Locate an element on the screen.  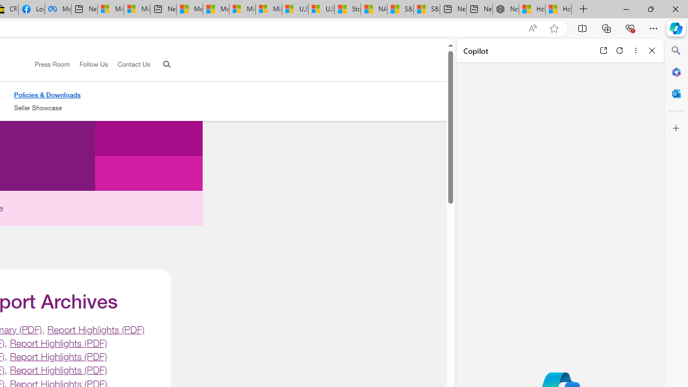
'Seller Showcase' is located at coordinates (38, 107).